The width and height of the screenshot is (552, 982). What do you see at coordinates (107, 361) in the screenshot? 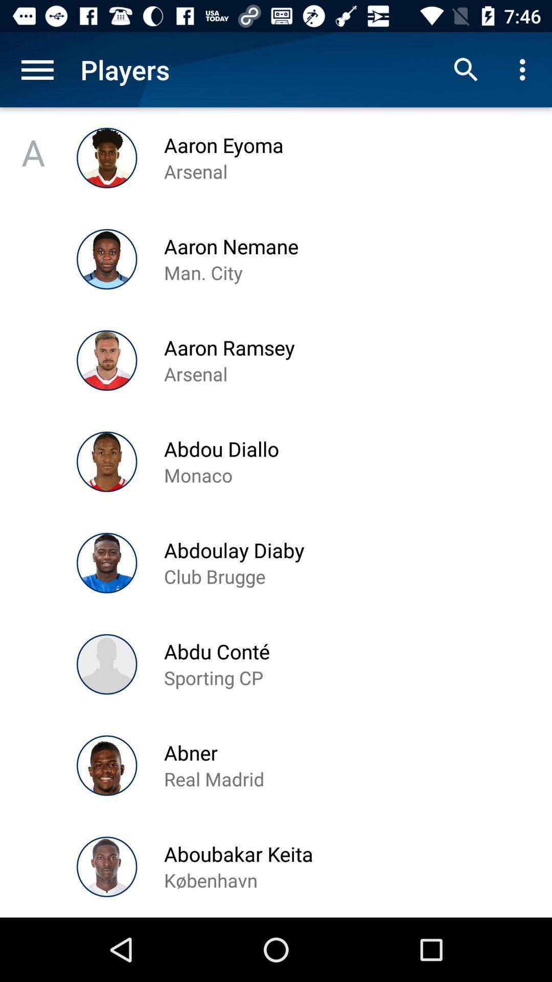
I see `the third player in a` at bounding box center [107, 361].